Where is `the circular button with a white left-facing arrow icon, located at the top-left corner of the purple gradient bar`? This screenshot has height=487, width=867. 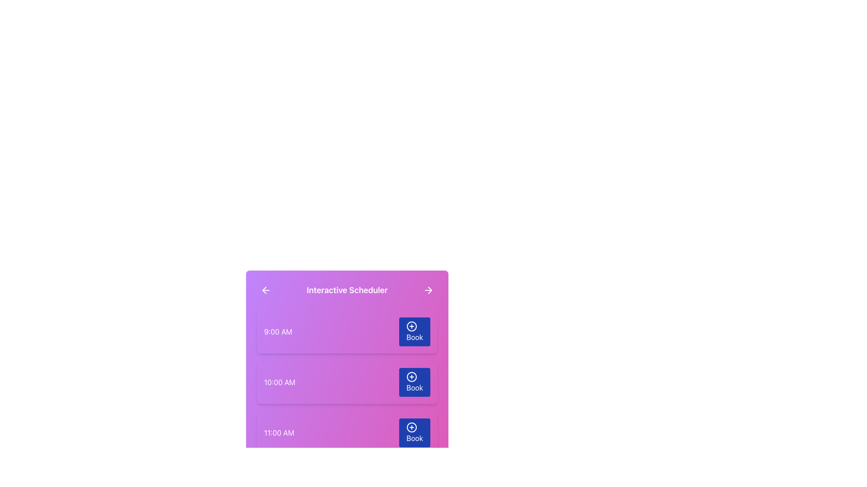
the circular button with a white left-facing arrow icon, located at the top-left corner of the purple gradient bar is located at coordinates (266, 290).